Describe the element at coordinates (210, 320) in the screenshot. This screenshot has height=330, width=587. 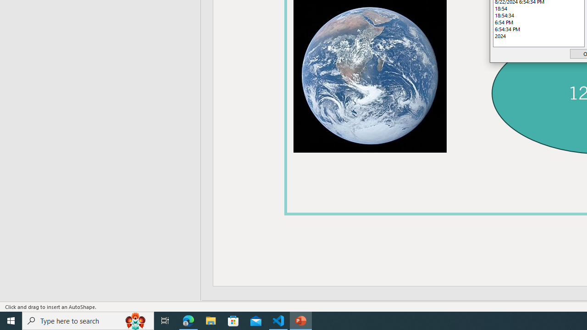
I see `'File Explorer'` at that location.